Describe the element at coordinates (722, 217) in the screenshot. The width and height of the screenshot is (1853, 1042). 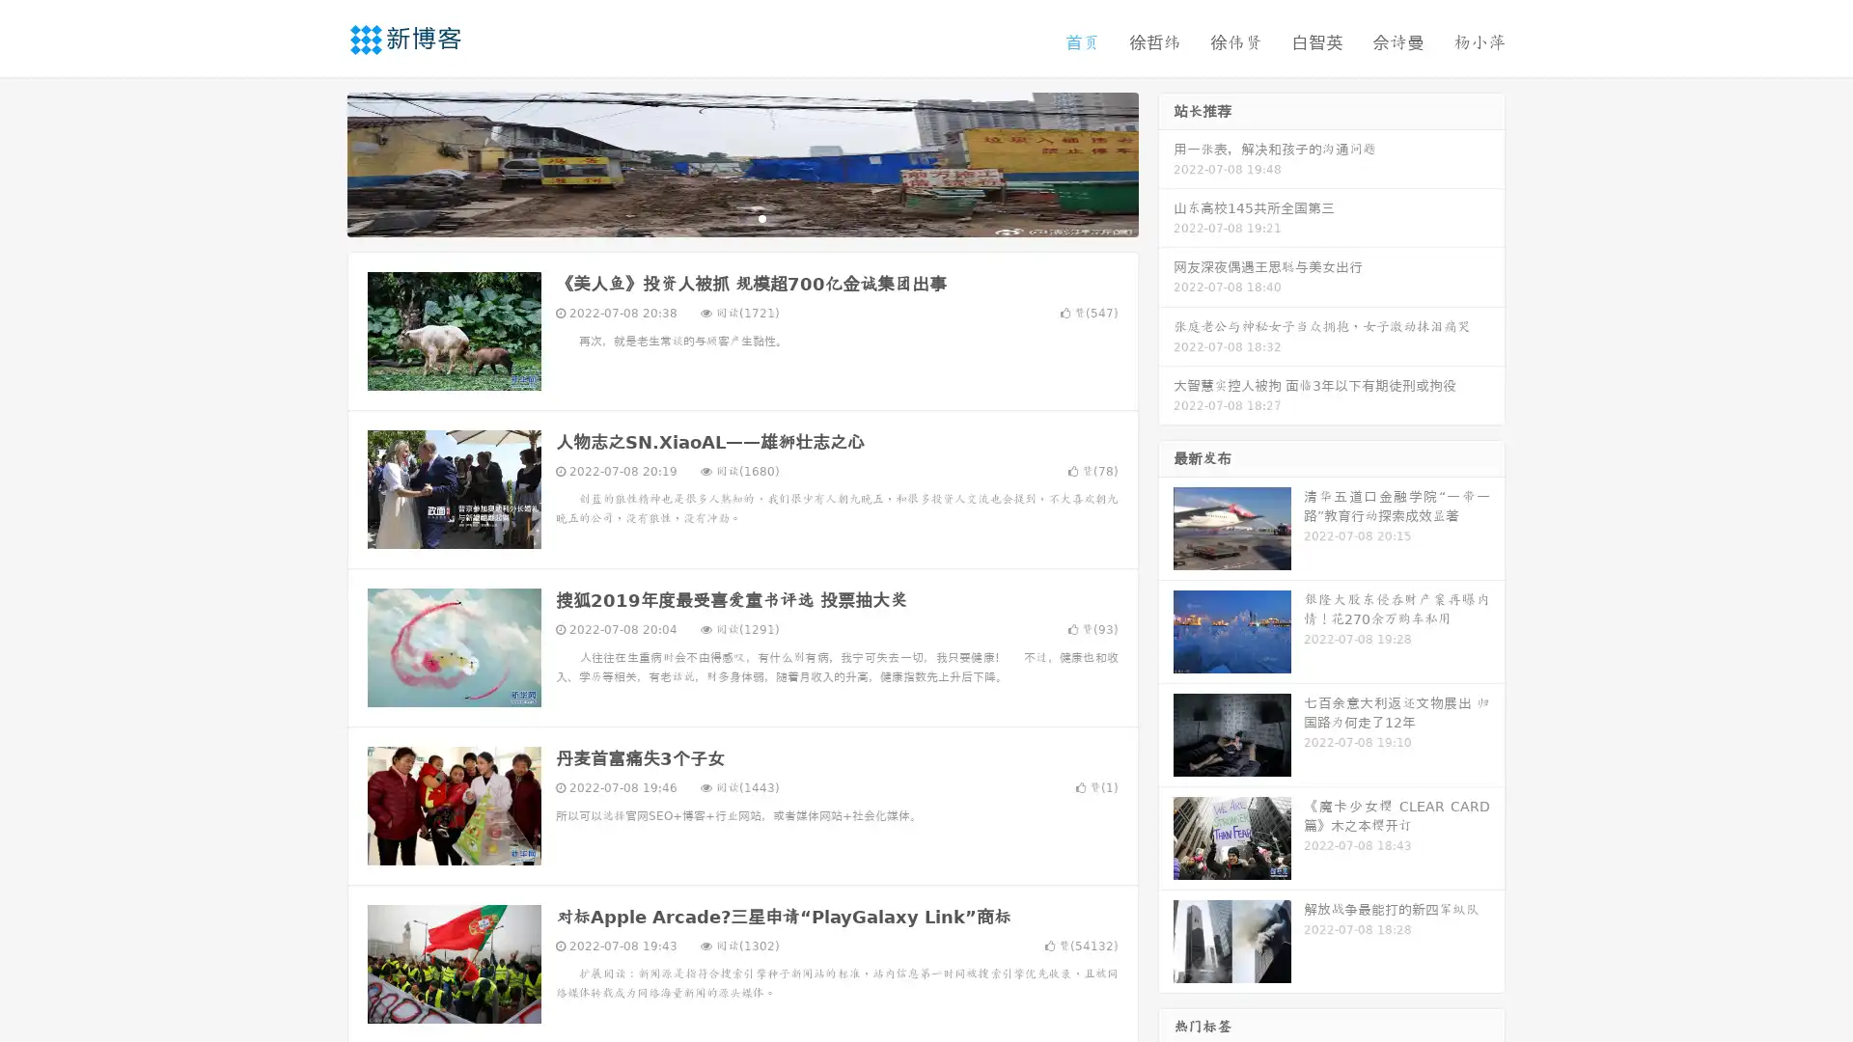
I see `Go to slide 1` at that location.